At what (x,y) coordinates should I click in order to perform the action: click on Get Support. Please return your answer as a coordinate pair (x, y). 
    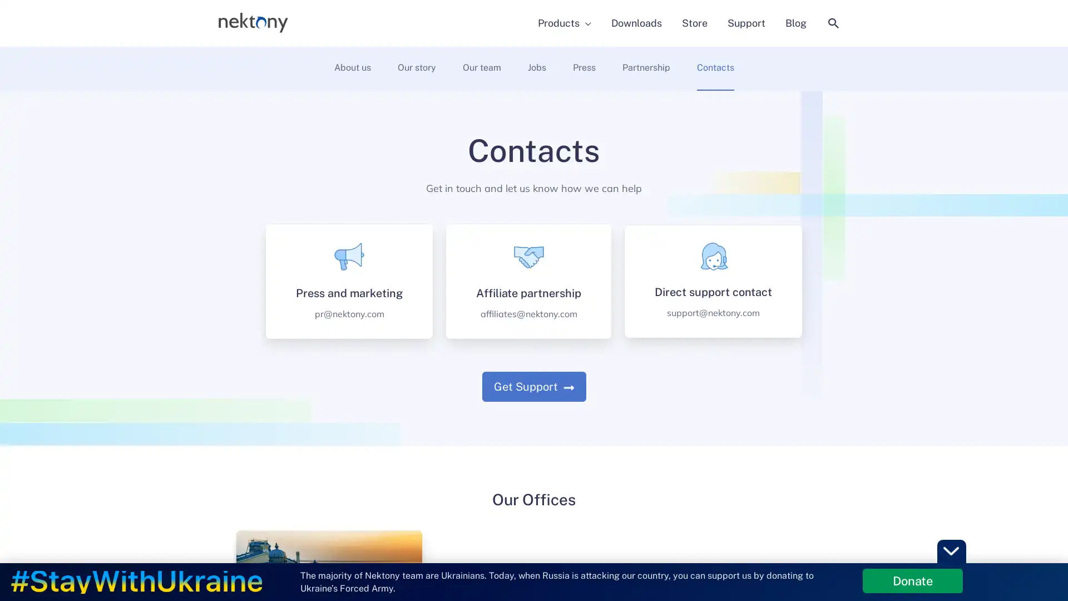
    Looking at the image, I should click on (533, 386).